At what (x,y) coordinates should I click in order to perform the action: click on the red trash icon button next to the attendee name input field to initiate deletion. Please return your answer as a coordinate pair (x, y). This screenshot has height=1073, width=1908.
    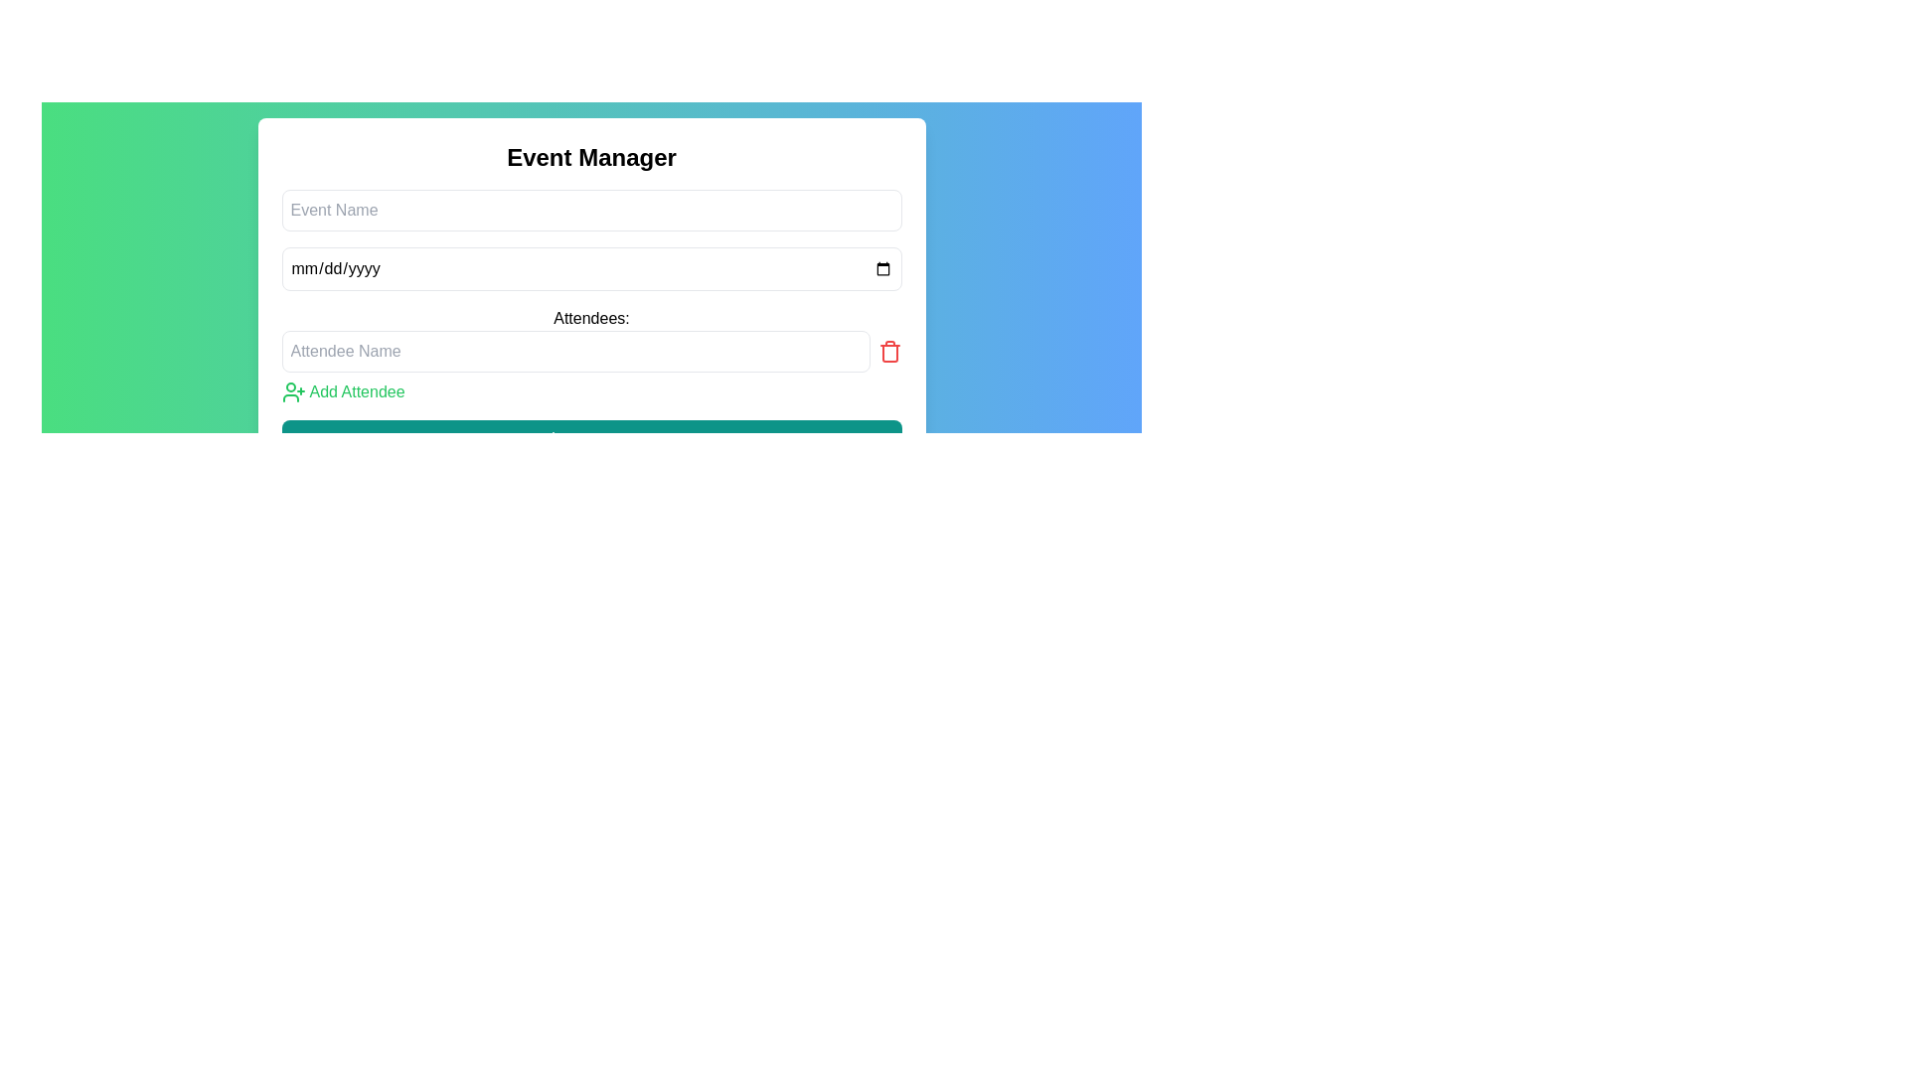
    Looking at the image, I should click on (888, 351).